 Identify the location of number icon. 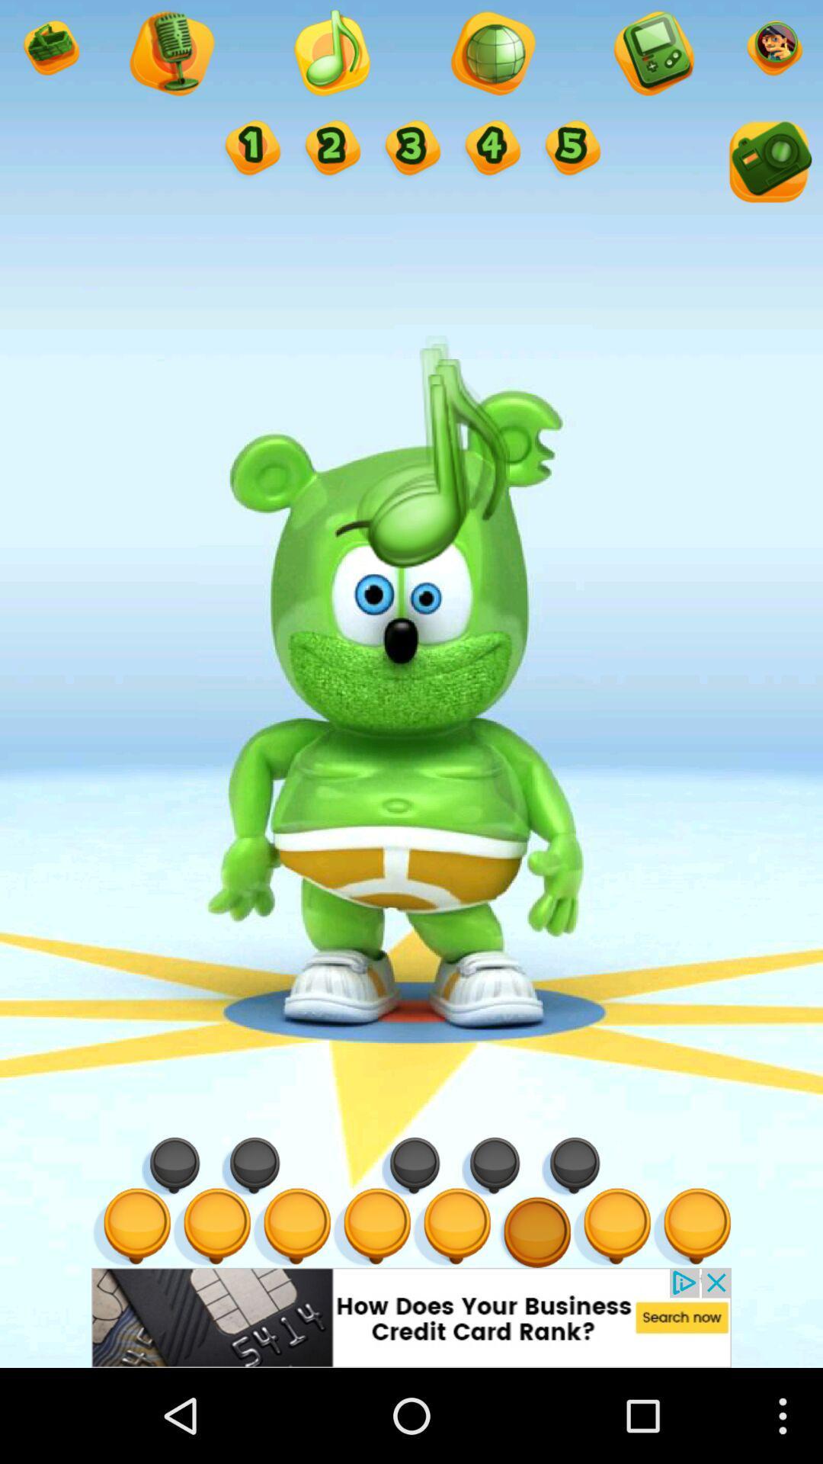
(250, 149).